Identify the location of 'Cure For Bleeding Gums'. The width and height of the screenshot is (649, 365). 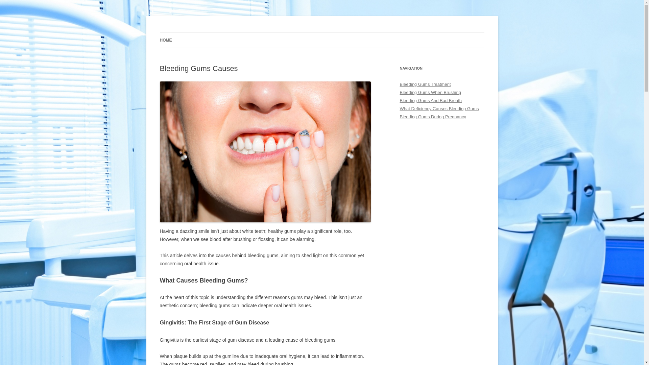
(159, 32).